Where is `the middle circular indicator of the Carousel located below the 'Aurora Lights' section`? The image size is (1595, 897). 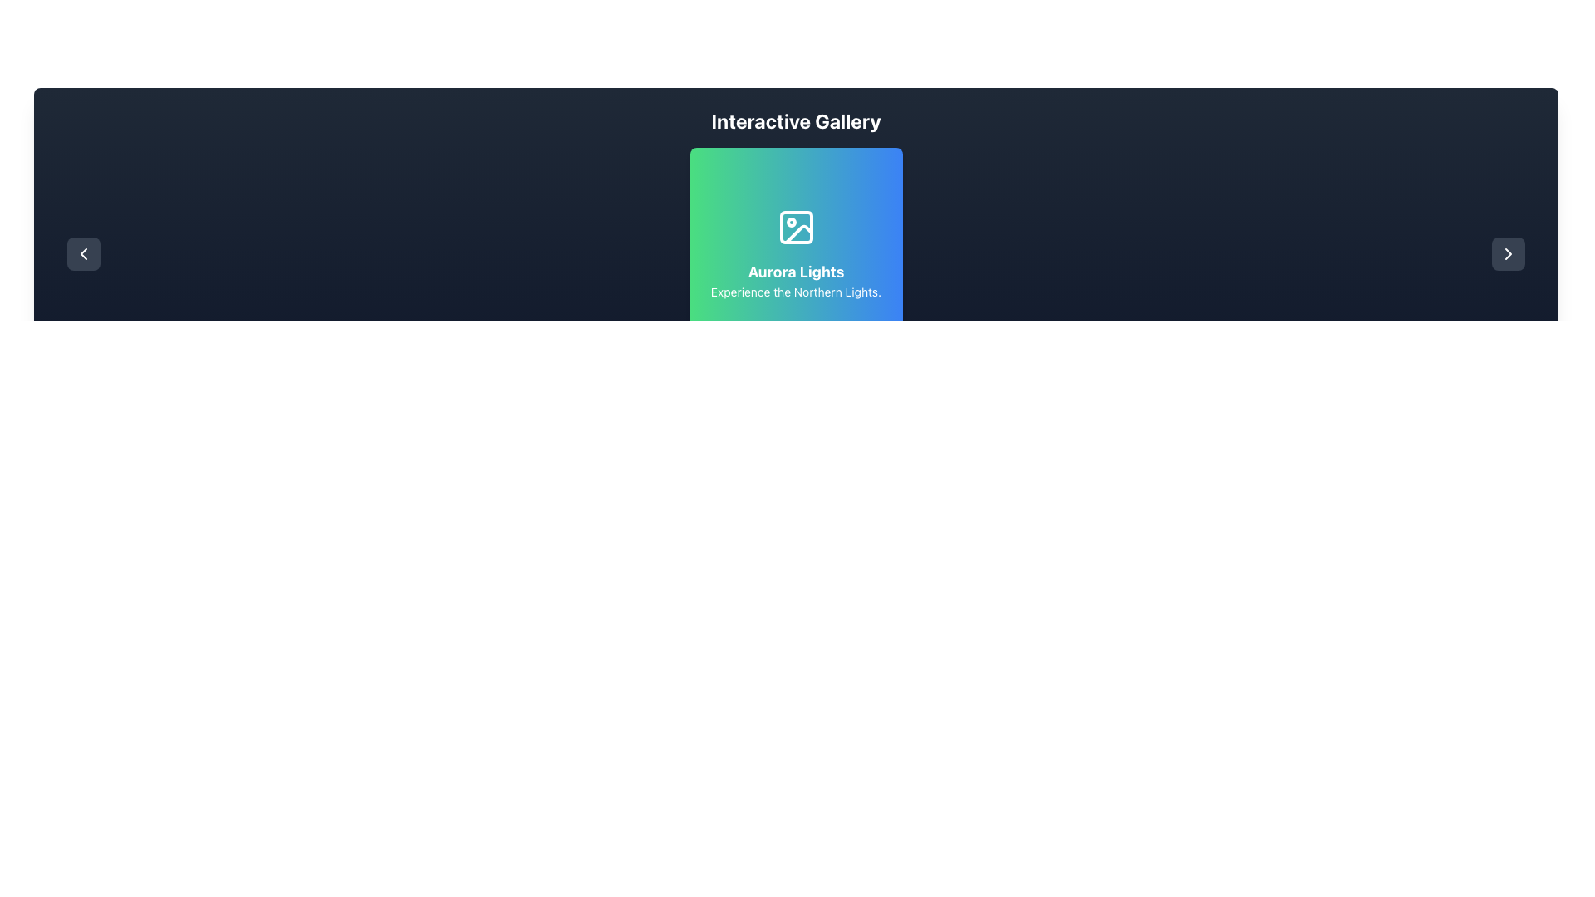 the middle circular indicator of the Carousel located below the 'Aurora Lights' section is located at coordinates (795, 380).